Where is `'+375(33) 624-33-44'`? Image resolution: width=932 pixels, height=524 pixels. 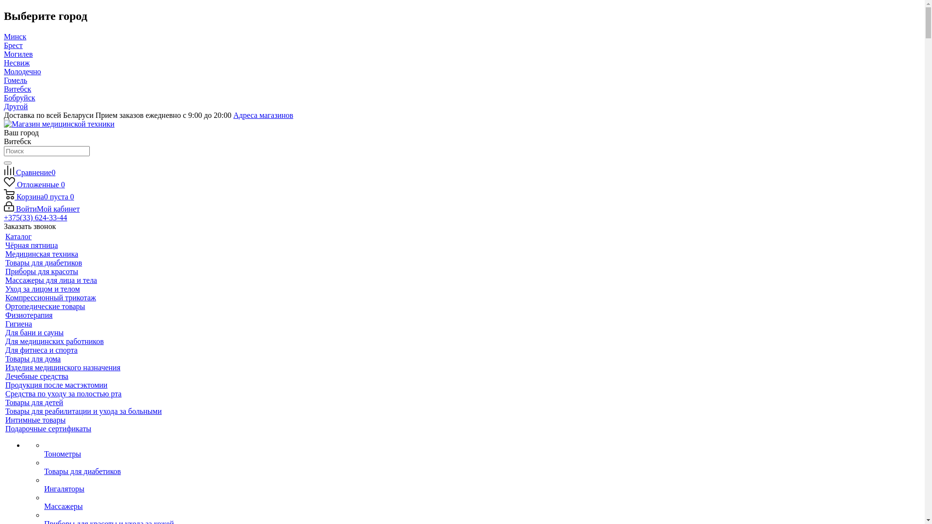 '+375(33) 624-33-44' is located at coordinates (35, 217).